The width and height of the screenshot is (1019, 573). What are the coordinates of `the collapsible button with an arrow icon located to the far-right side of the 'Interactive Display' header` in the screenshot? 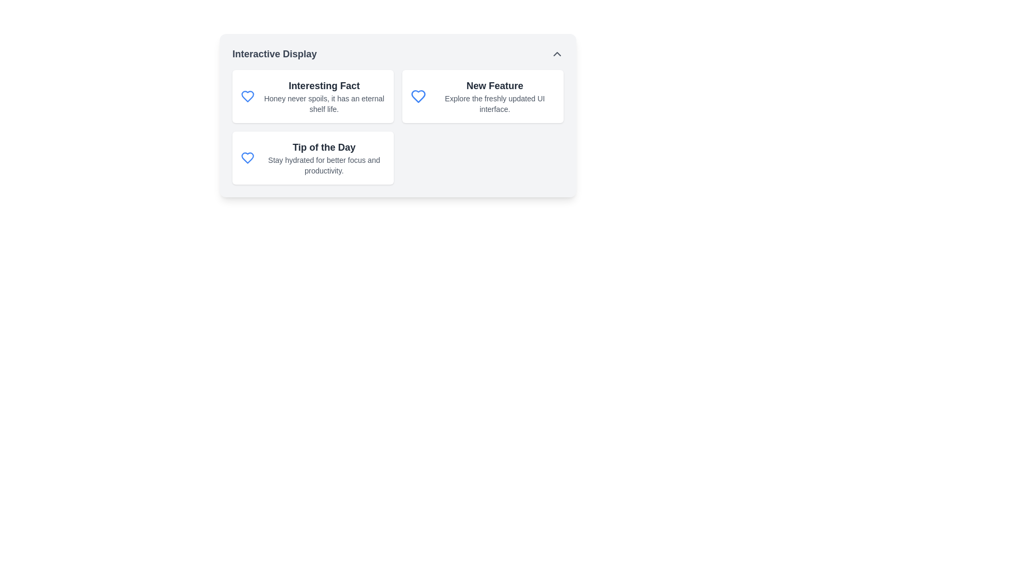 It's located at (557, 54).